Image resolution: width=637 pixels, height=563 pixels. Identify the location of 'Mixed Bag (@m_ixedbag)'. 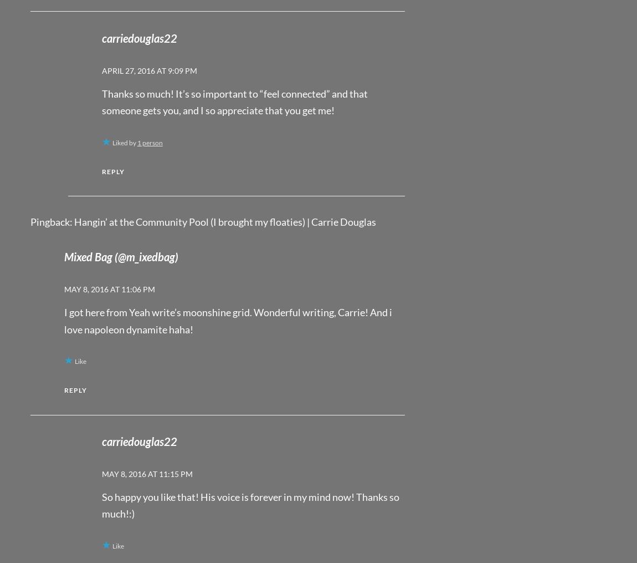
(120, 256).